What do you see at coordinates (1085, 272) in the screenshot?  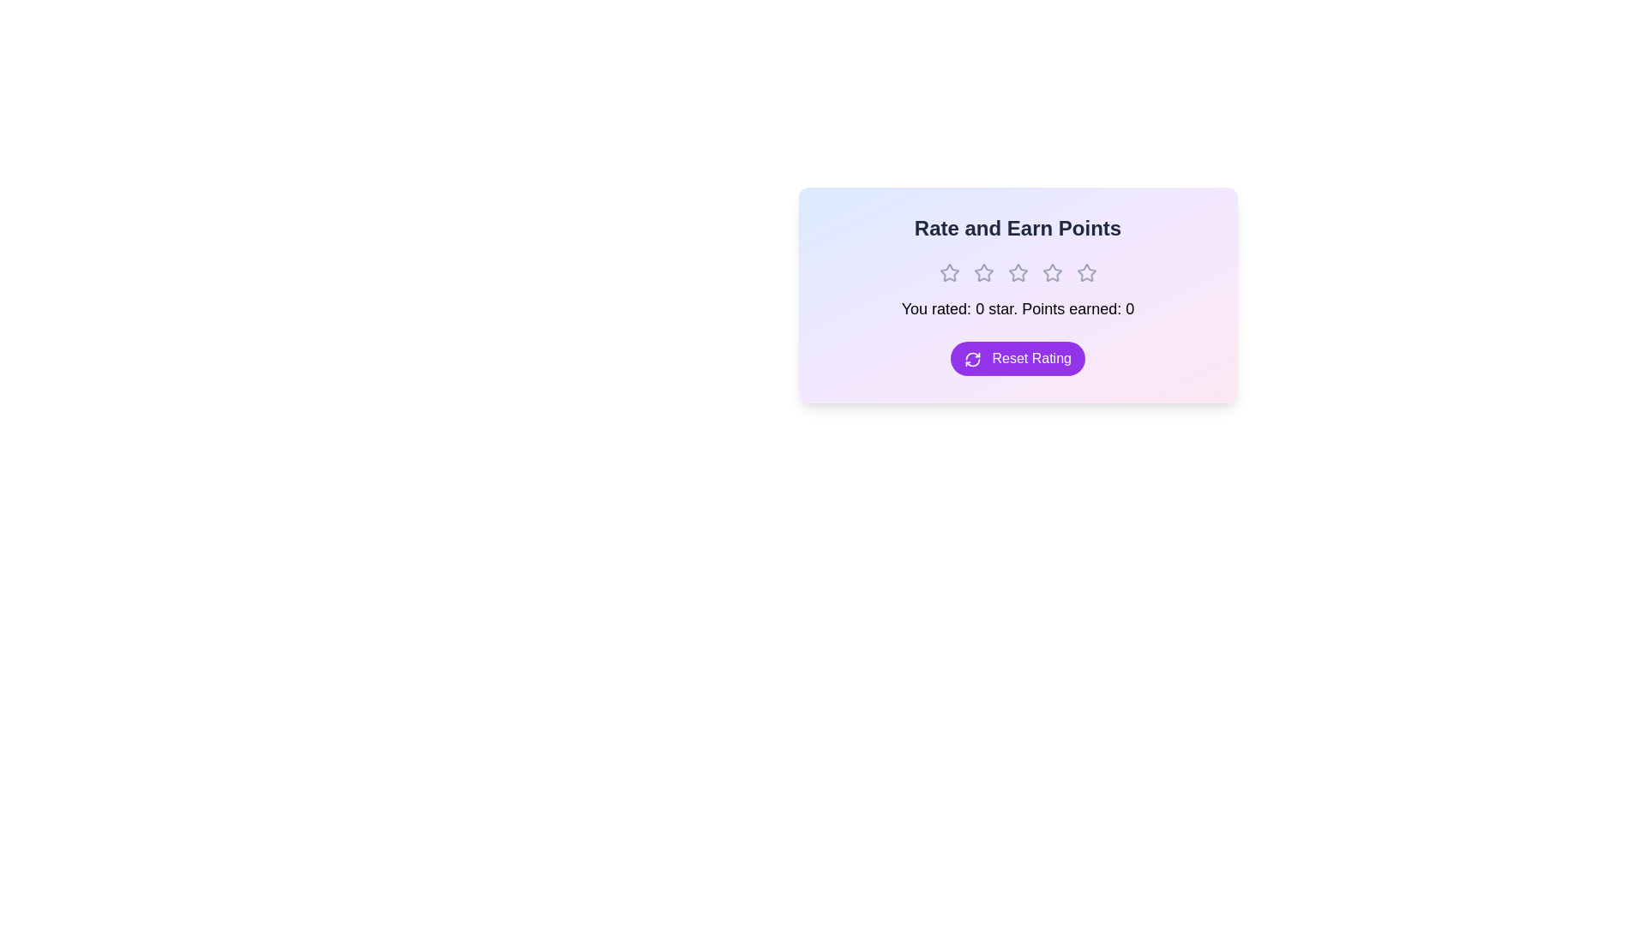 I see `the rating to 5 stars by clicking on the corresponding star` at bounding box center [1085, 272].